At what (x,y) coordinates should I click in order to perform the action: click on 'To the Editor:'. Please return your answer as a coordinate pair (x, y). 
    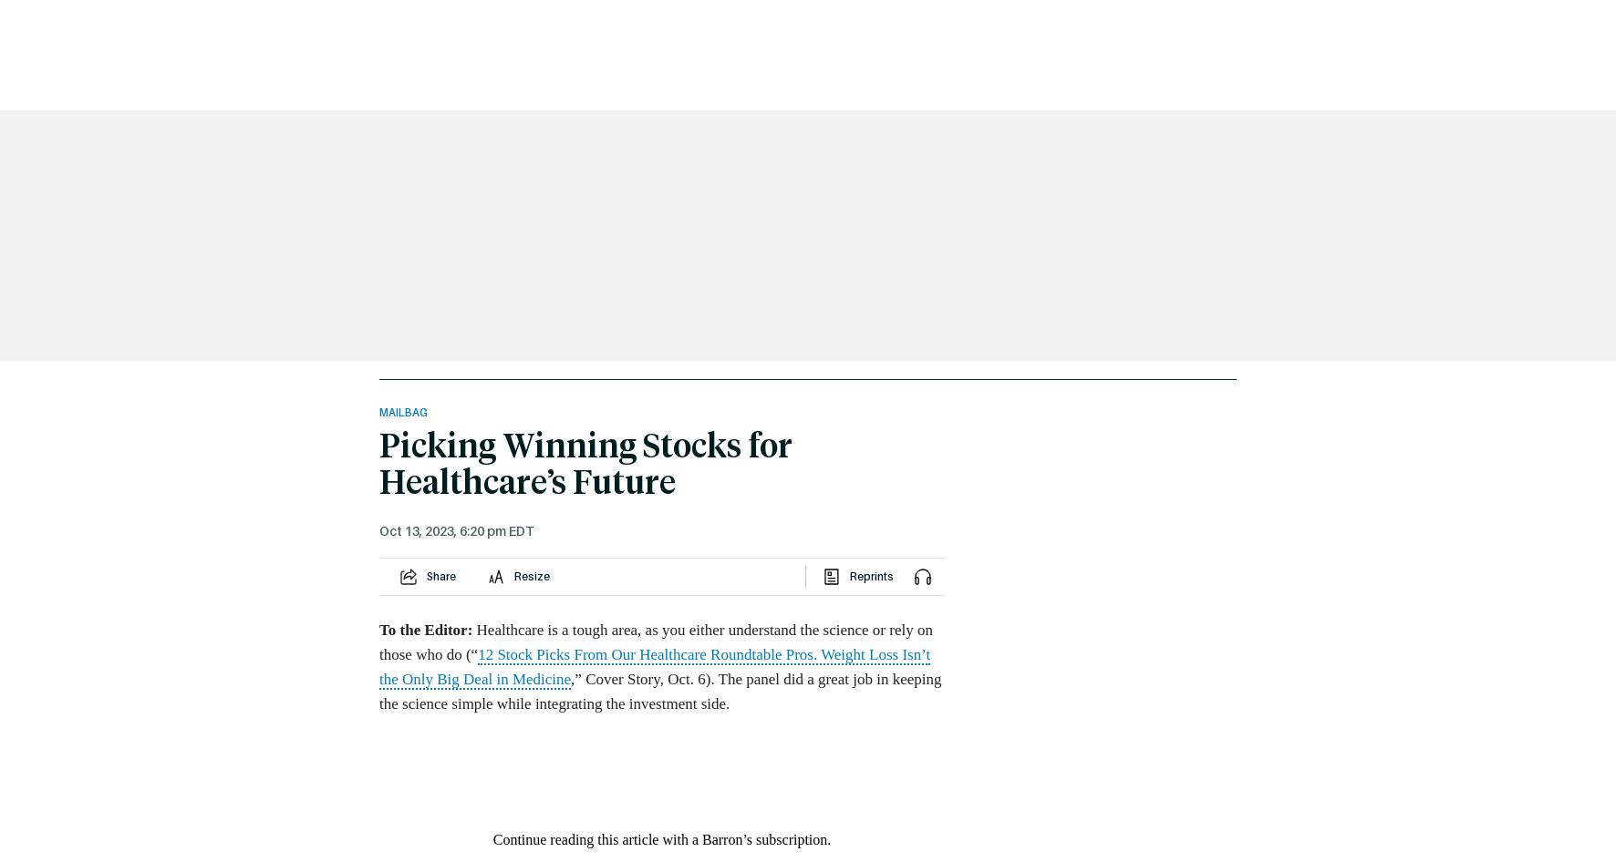
    Looking at the image, I should click on (424, 630).